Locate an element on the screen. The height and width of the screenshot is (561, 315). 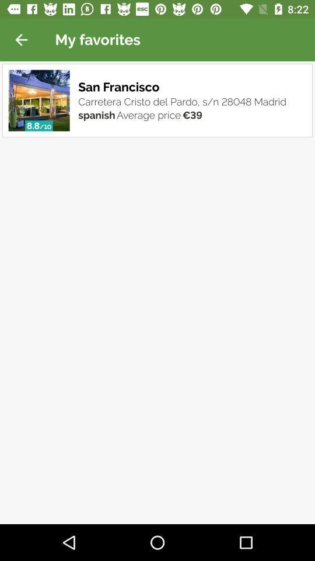
the item above the carretera cristo del is located at coordinates (120, 86).